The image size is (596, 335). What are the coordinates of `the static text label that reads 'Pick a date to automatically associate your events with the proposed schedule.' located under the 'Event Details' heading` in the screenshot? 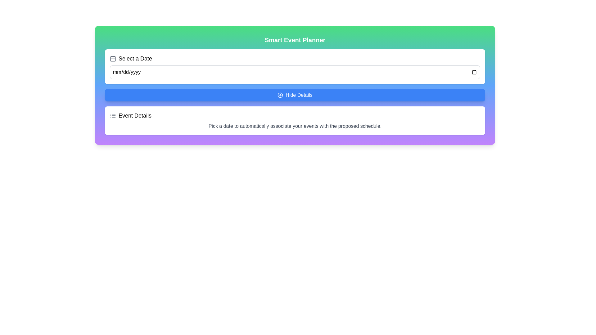 It's located at (295, 126).